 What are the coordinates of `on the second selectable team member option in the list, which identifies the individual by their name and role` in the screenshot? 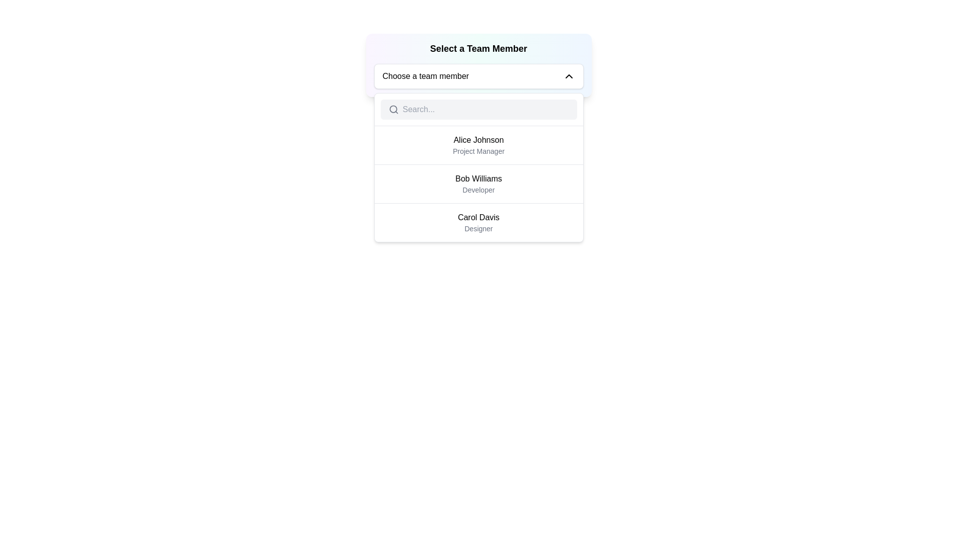 It's located at (478, 184).